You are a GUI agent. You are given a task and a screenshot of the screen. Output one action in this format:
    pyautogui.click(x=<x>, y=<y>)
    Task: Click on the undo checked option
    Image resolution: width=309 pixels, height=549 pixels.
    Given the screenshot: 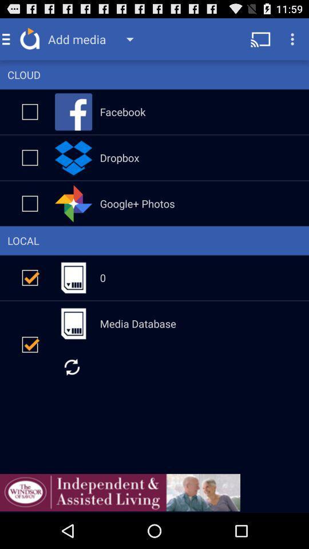 What is the action you would take?
    pyautogui.click(x=30, y=344)
    